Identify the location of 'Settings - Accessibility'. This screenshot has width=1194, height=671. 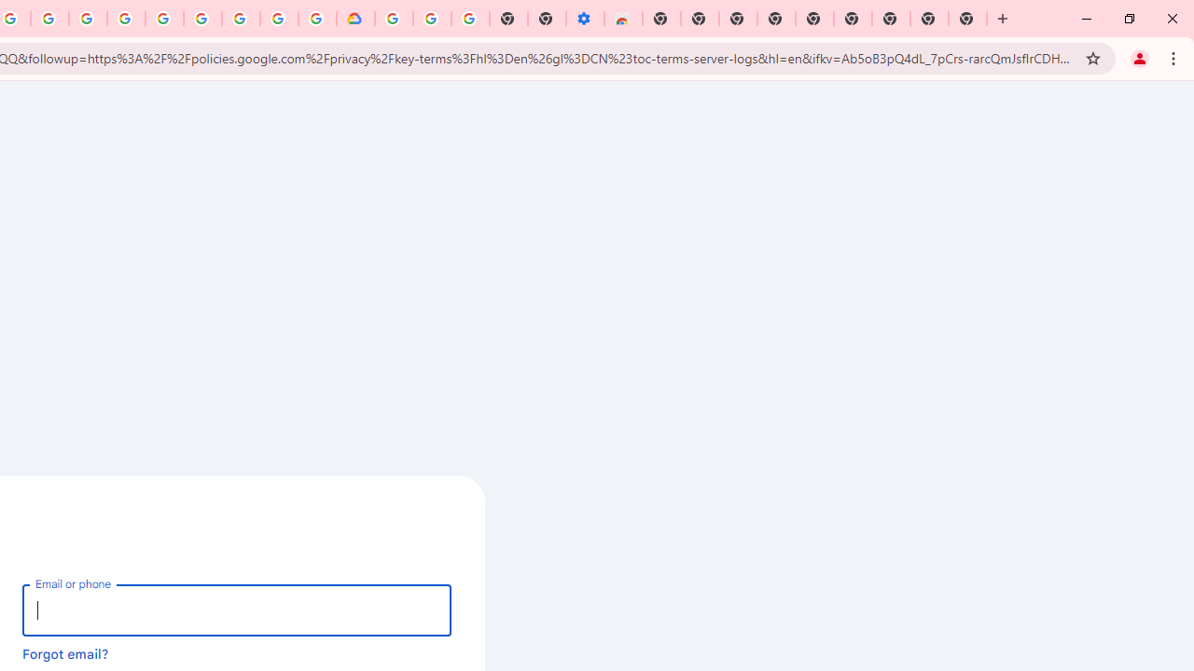
(584, 19).